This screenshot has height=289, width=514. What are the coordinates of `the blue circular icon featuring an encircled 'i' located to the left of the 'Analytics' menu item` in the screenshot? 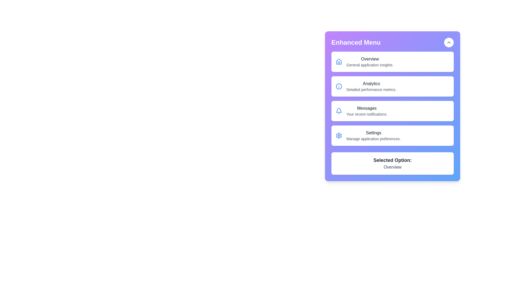 It's located at (339, 86).